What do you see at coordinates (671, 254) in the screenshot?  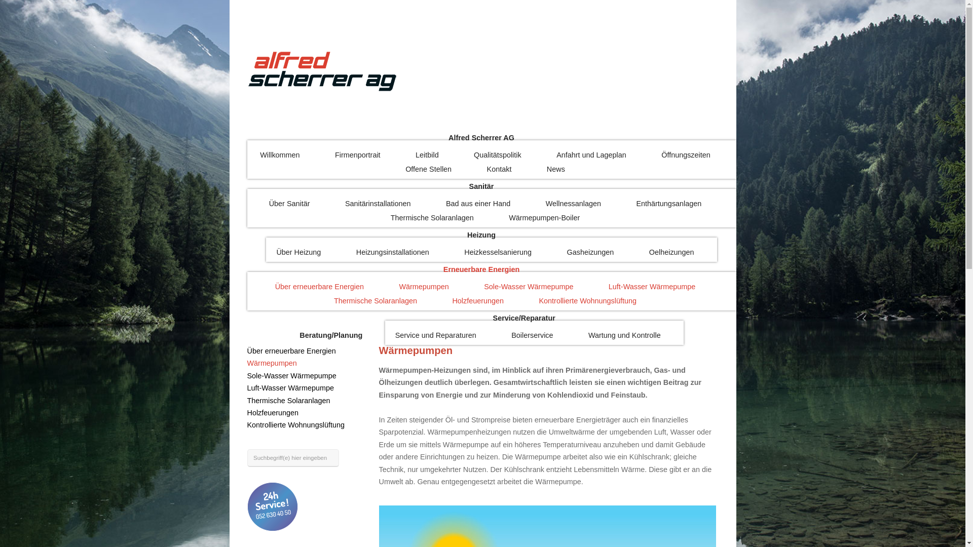 I see `'Oelheizungen'` at bounding box center [671, 254].